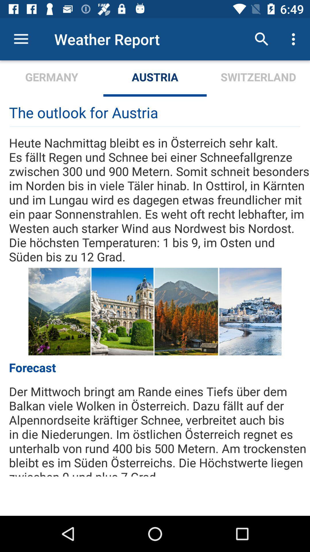  I want to click on the item next to the austria, so click(52, 78).